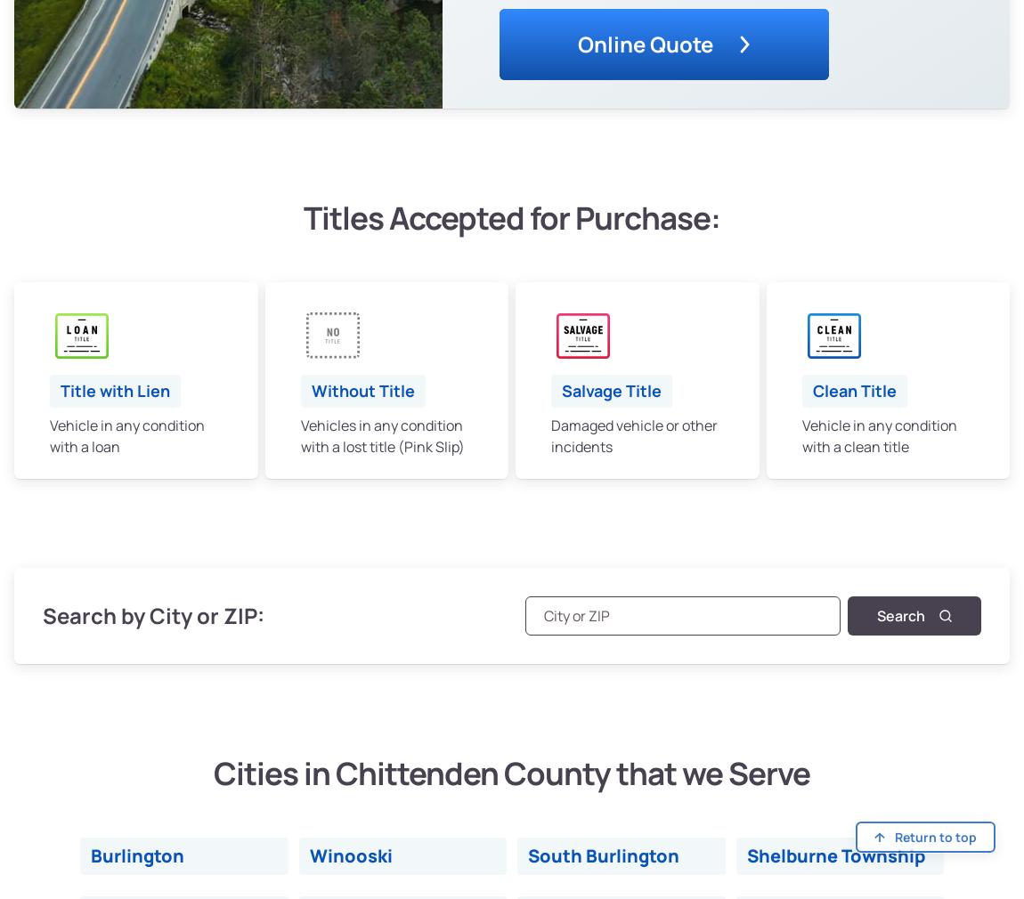  What do you see at coordinates (901, 614) in the screenshot?
I see `'Search'` at bounding box center [901, 614].